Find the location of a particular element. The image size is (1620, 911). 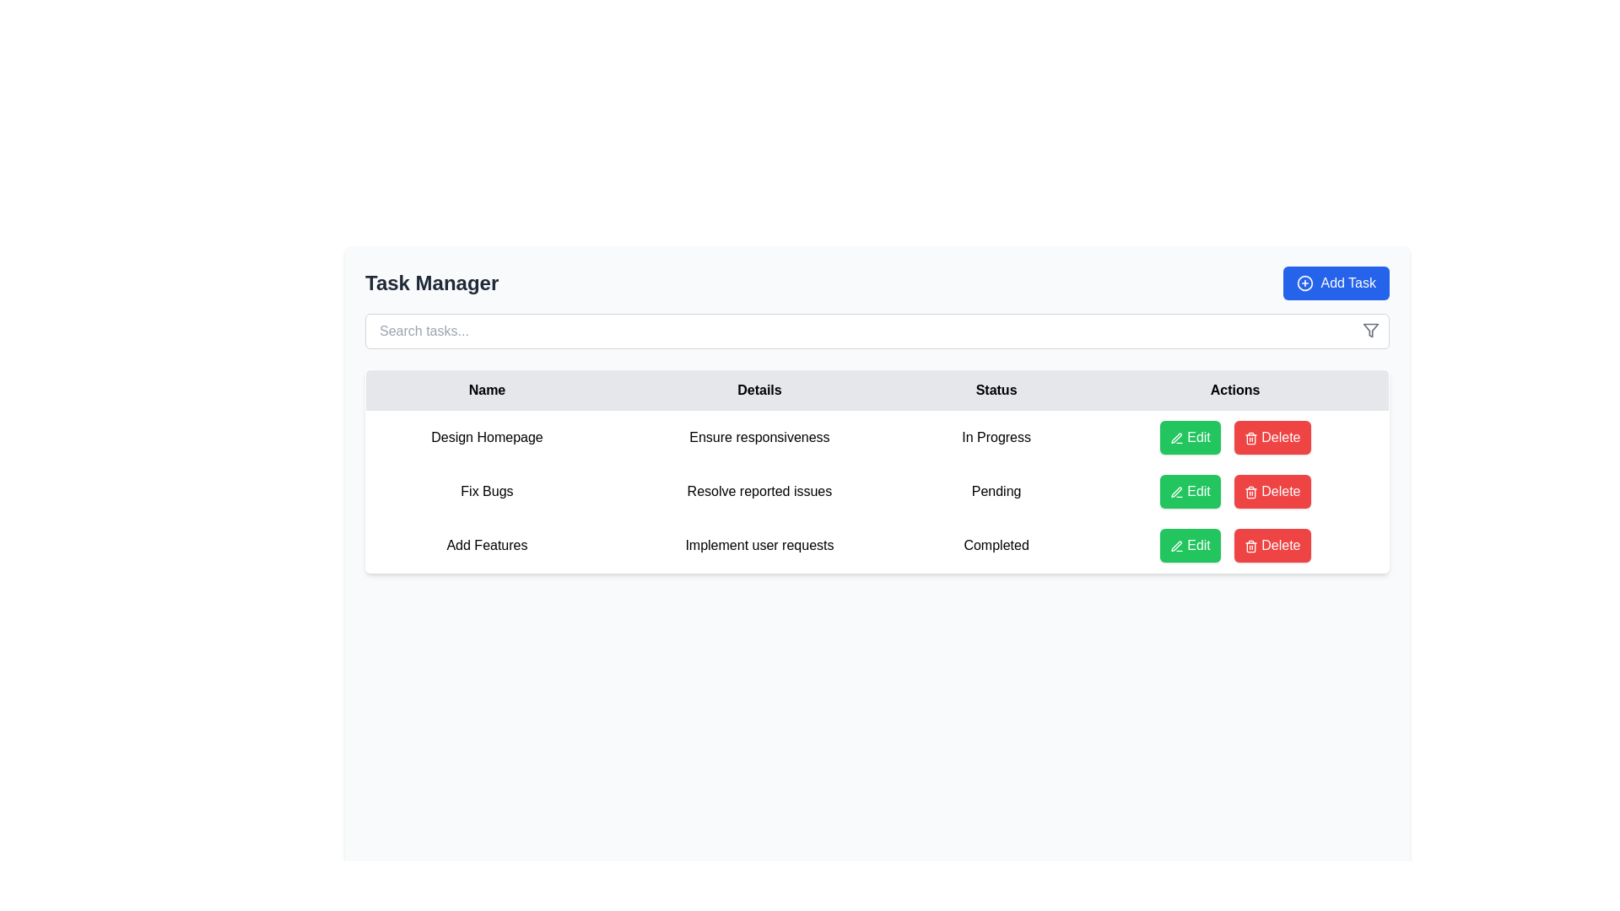

the delete icon located within the red 'Delete' button in the 'Actions' column of the task manager interface as a visual cue is located at coordinates (1250, 492).